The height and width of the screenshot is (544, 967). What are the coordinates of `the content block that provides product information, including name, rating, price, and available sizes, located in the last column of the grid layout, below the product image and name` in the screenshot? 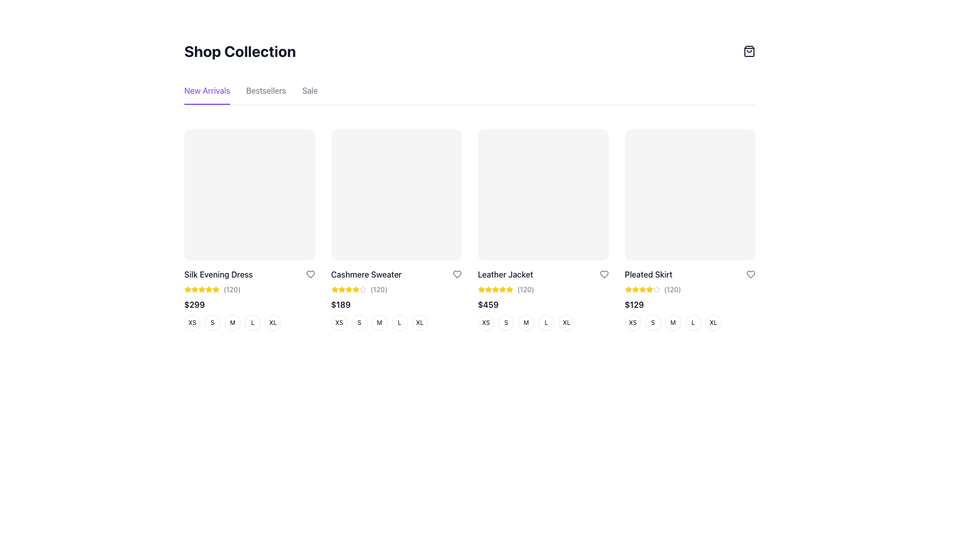 It's located at (689, 299).